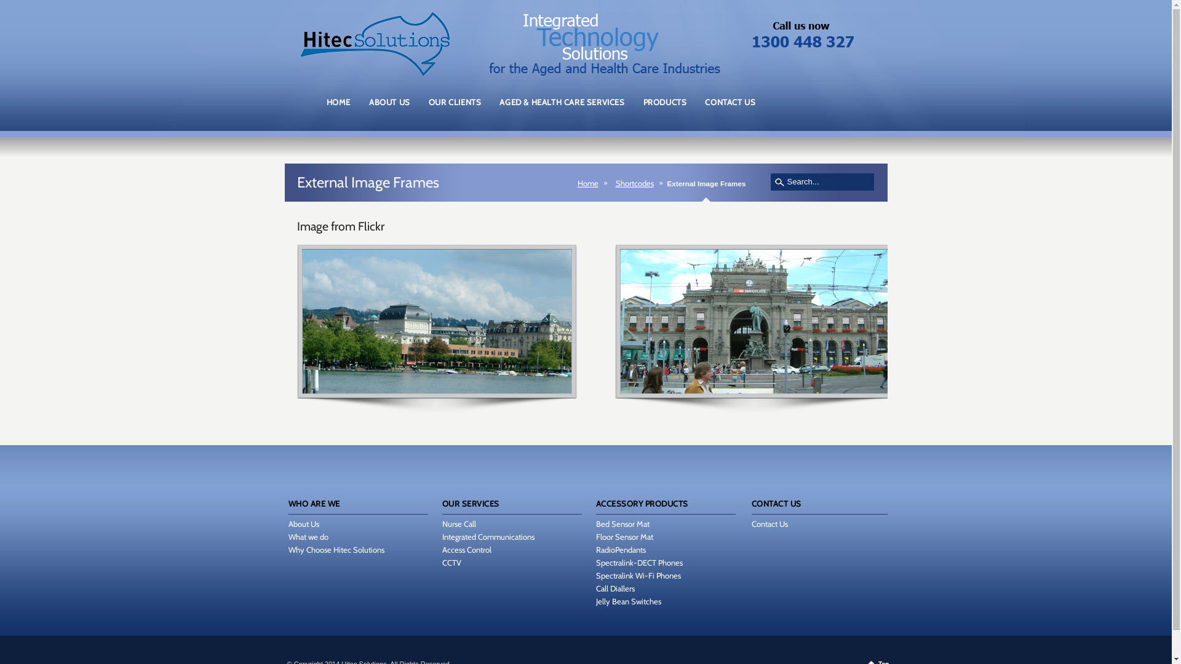 The width and height of the screenshot is (1181, 664). Describe the element at coordinates (450, 562) in the screenshot. I see `'CCTV'` at that location.